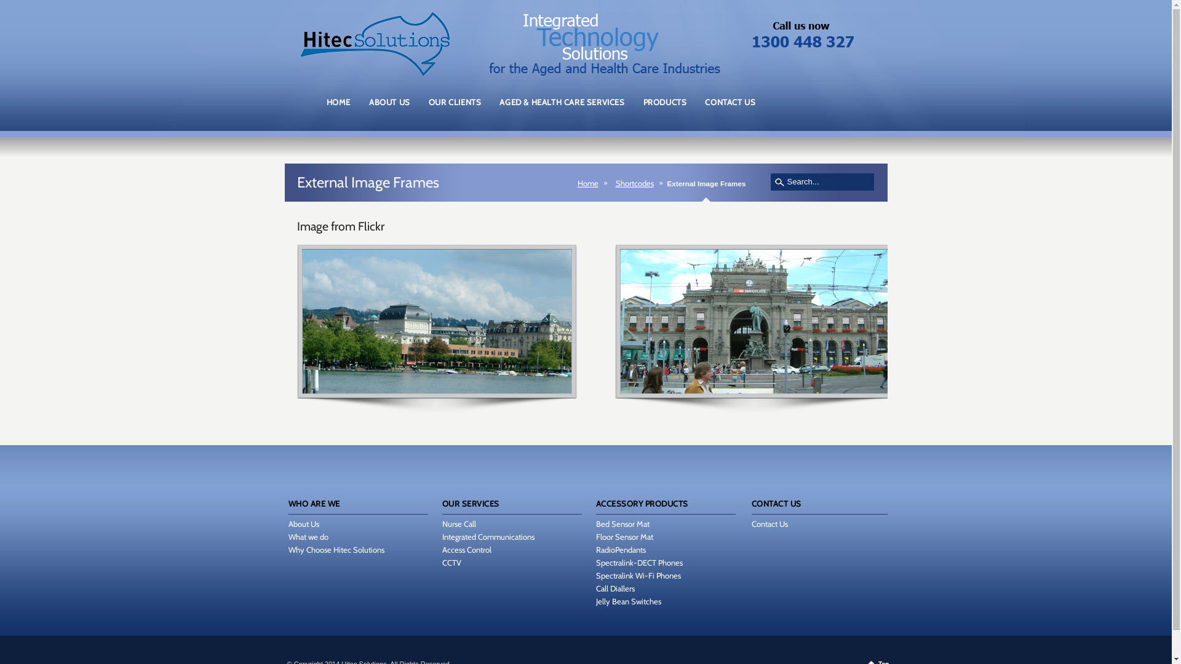 The width and height of the screenshot is (1181, 664). Describe the element at coordinates (450, 562) in the screenshot. I see `'CCTV'` at that location.